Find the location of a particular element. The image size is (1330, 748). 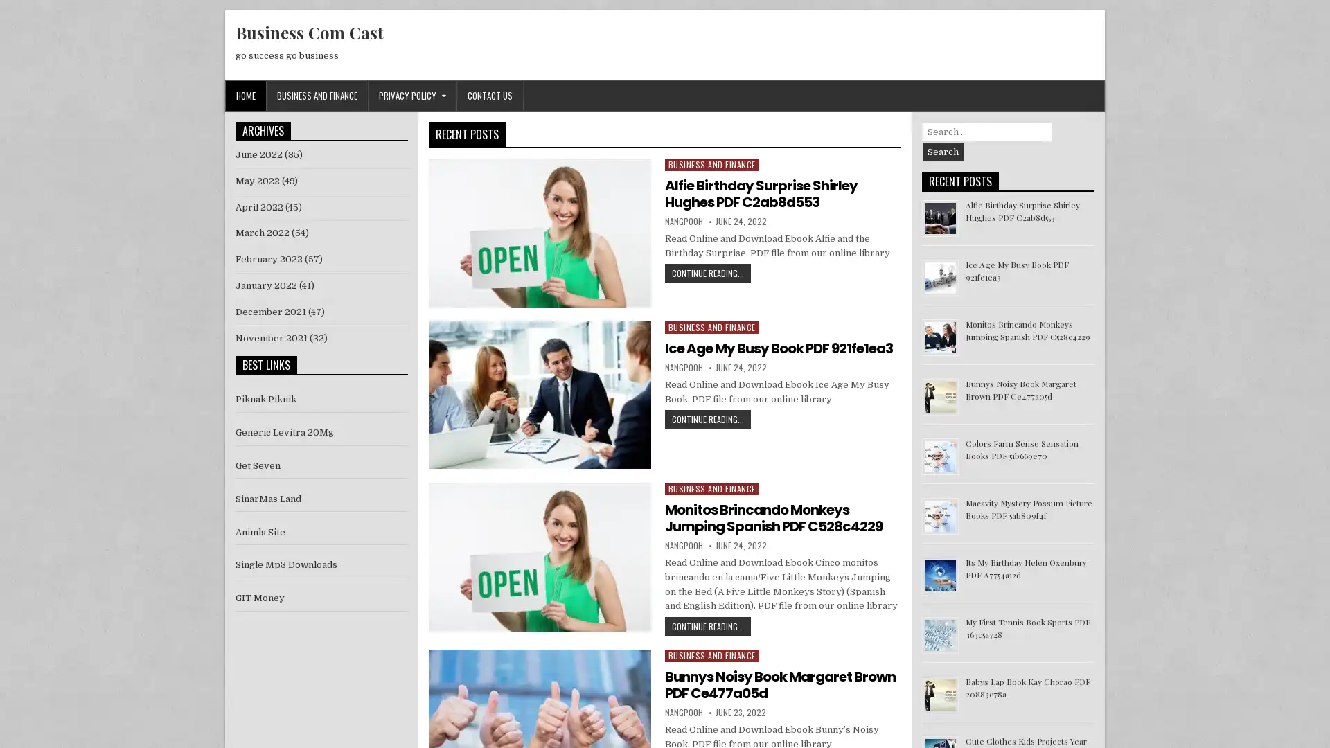

Search is located at coordinates (942, 152).